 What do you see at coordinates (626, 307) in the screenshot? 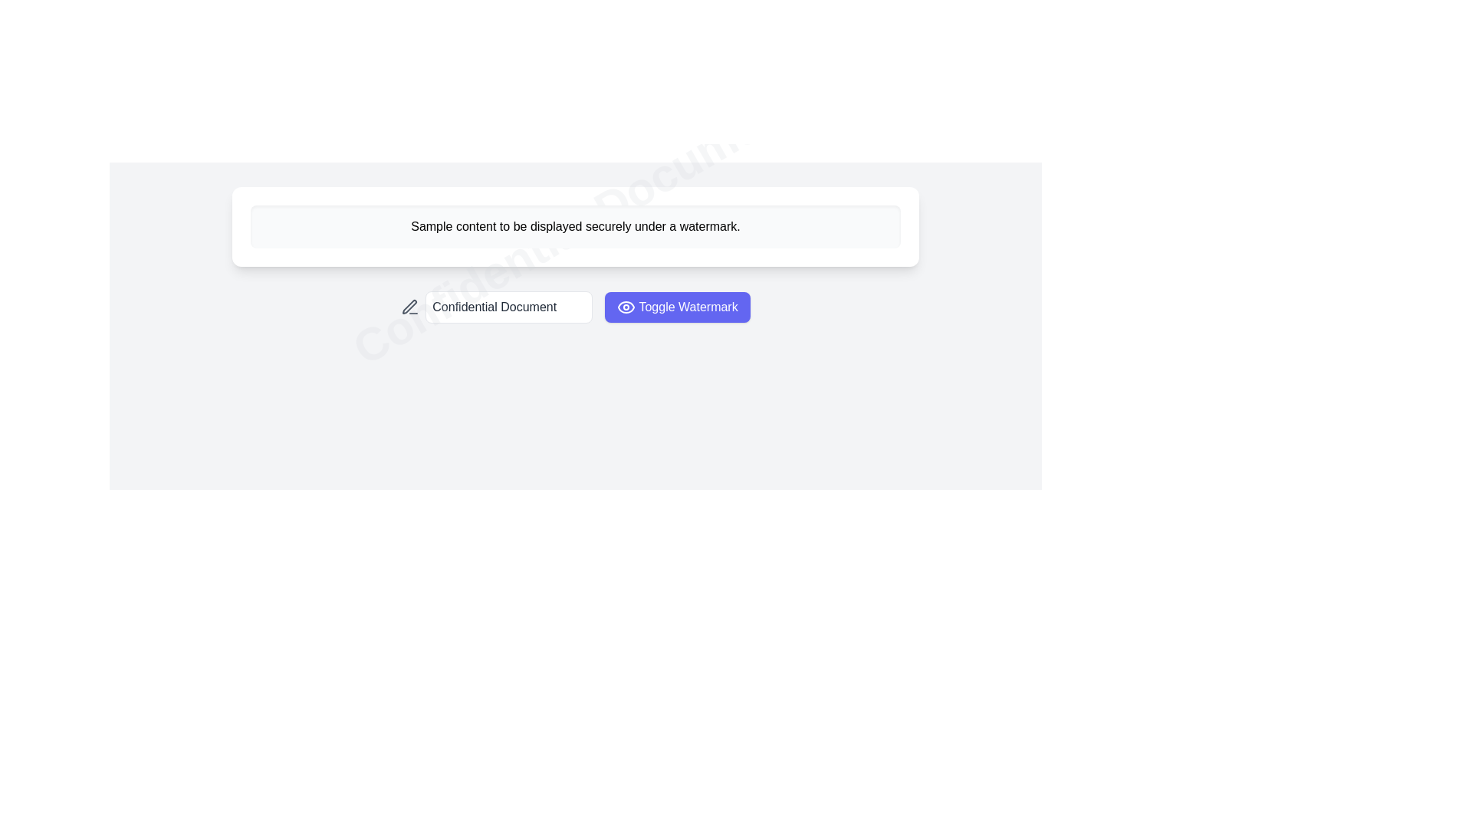
I see `the 'Toggle Watermark' button icon, which is integrated into a button indicating visibility or display-related features` at bounding box center [626, 307].